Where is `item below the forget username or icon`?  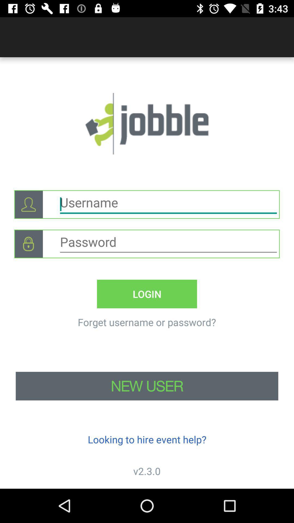
item below the forget username or icon is located at coordinates (147, 386).